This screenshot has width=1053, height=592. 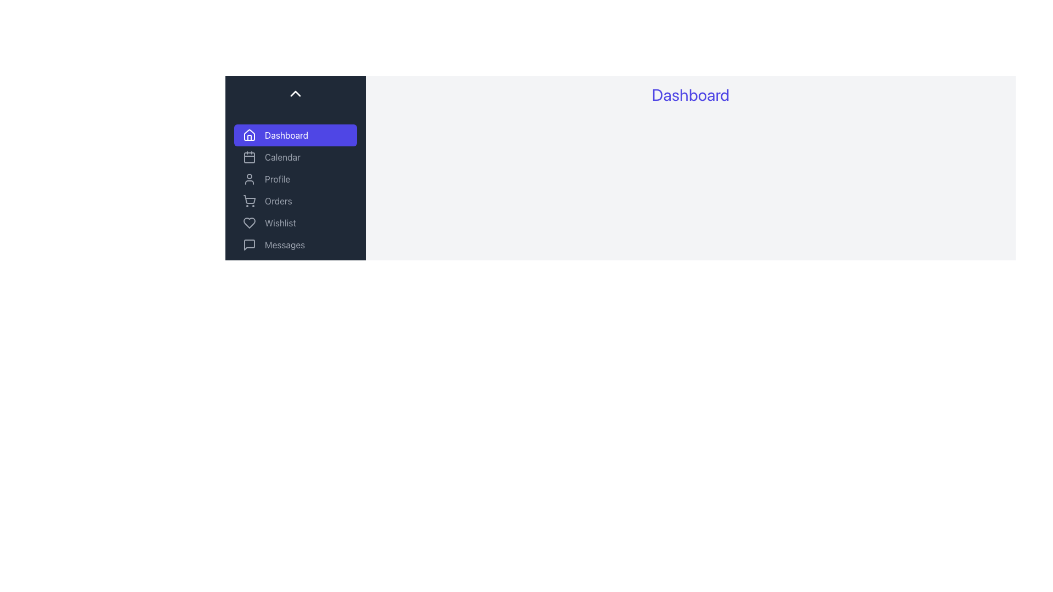 I want to click on the calendar-shaped icon with gray lines and rounded corners, so click(x=249, y=157).